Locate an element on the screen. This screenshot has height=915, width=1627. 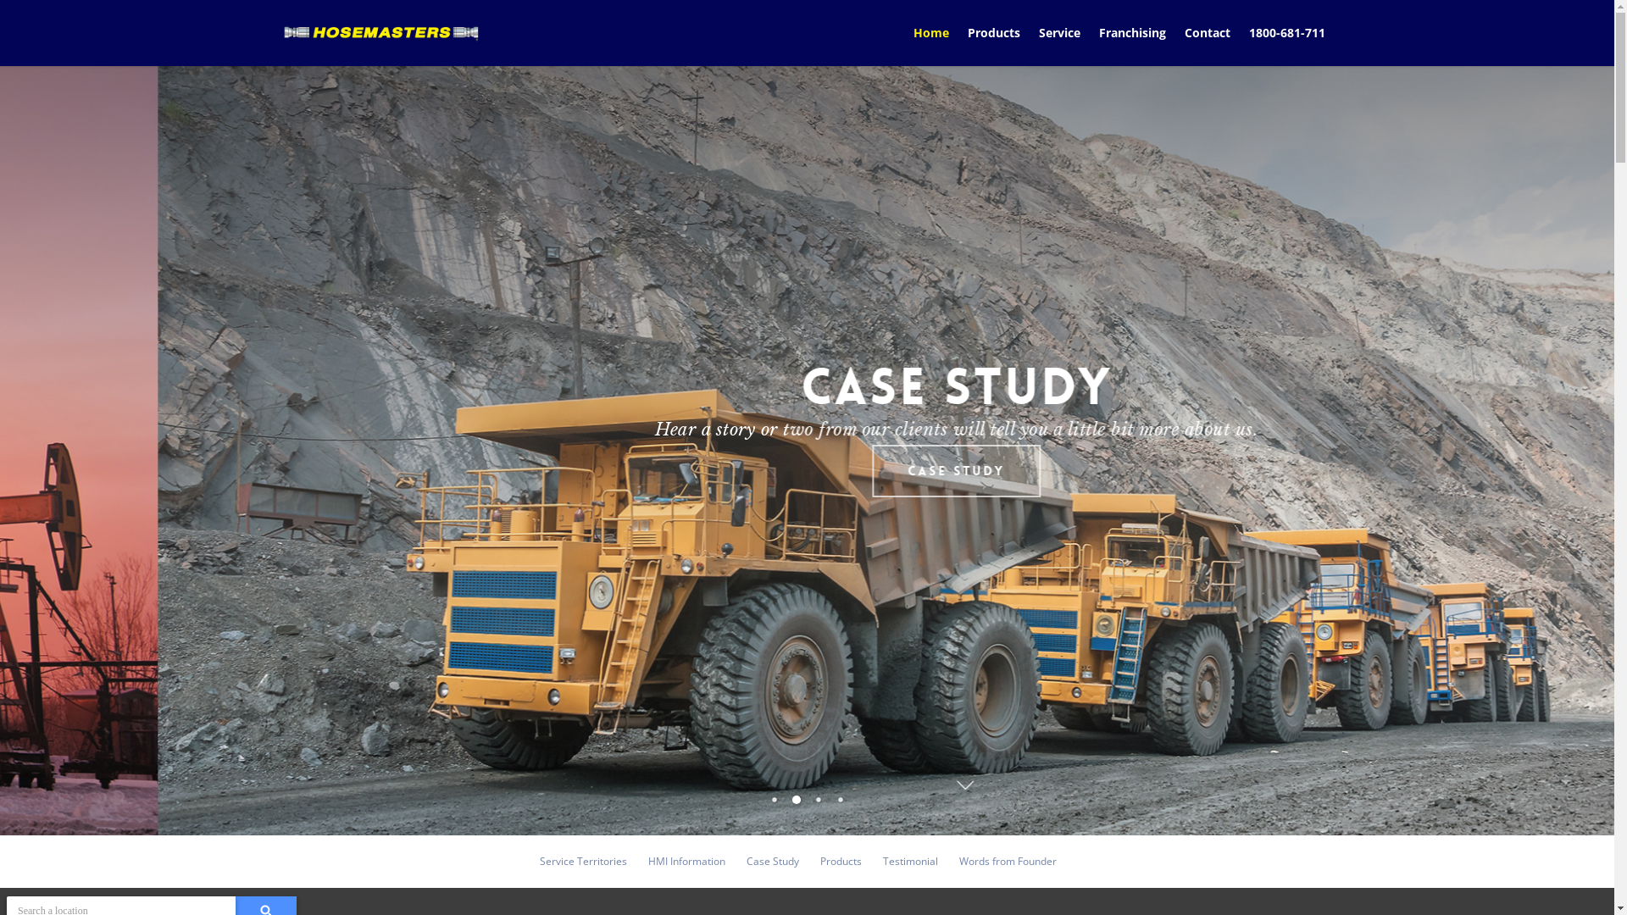
'1800-681-711' is located at coordinates (1241, 44).